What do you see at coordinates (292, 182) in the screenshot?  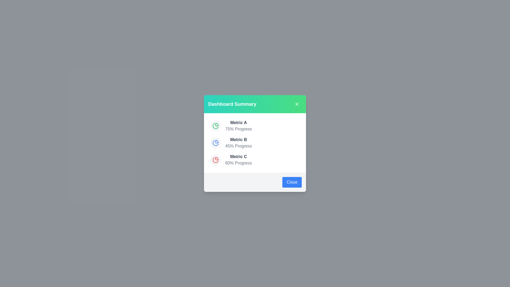 I see `the 'Close' button in the footer to close the dialog` at bounding box center [292, 182].